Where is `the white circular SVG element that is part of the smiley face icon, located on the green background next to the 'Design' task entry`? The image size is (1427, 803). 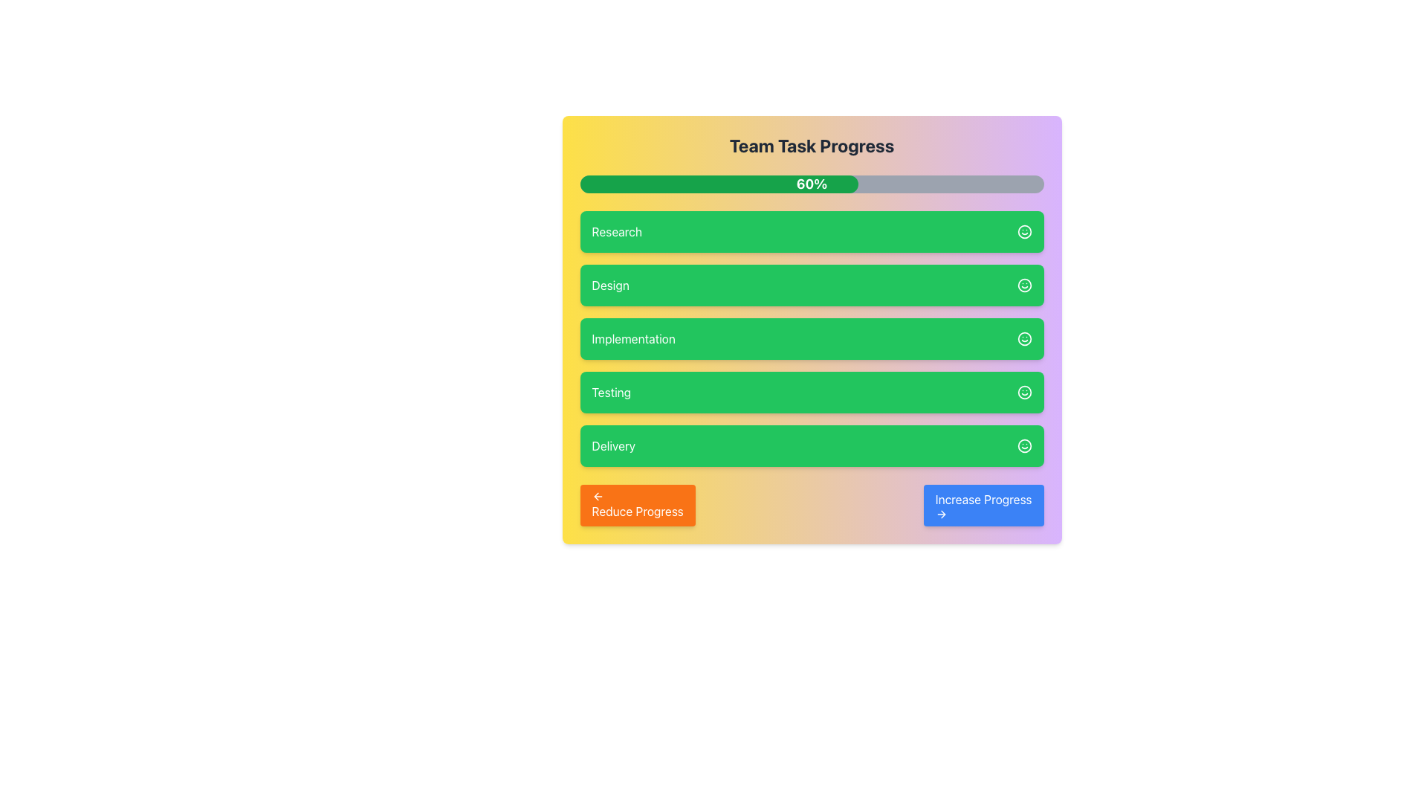 the white circular SVG element that is part of the smiley face icon, located on the green background next to the 'Design' task entry is located at coordinates (1023, 232).